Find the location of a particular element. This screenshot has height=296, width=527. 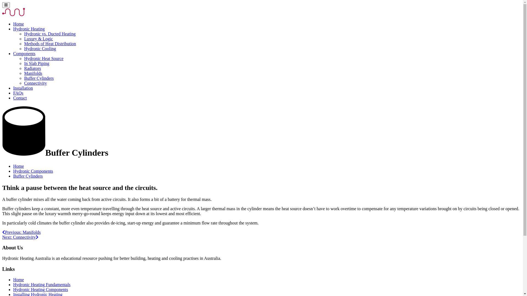

'Methods of Heat Distribution' is located at coordinates (50, 43).